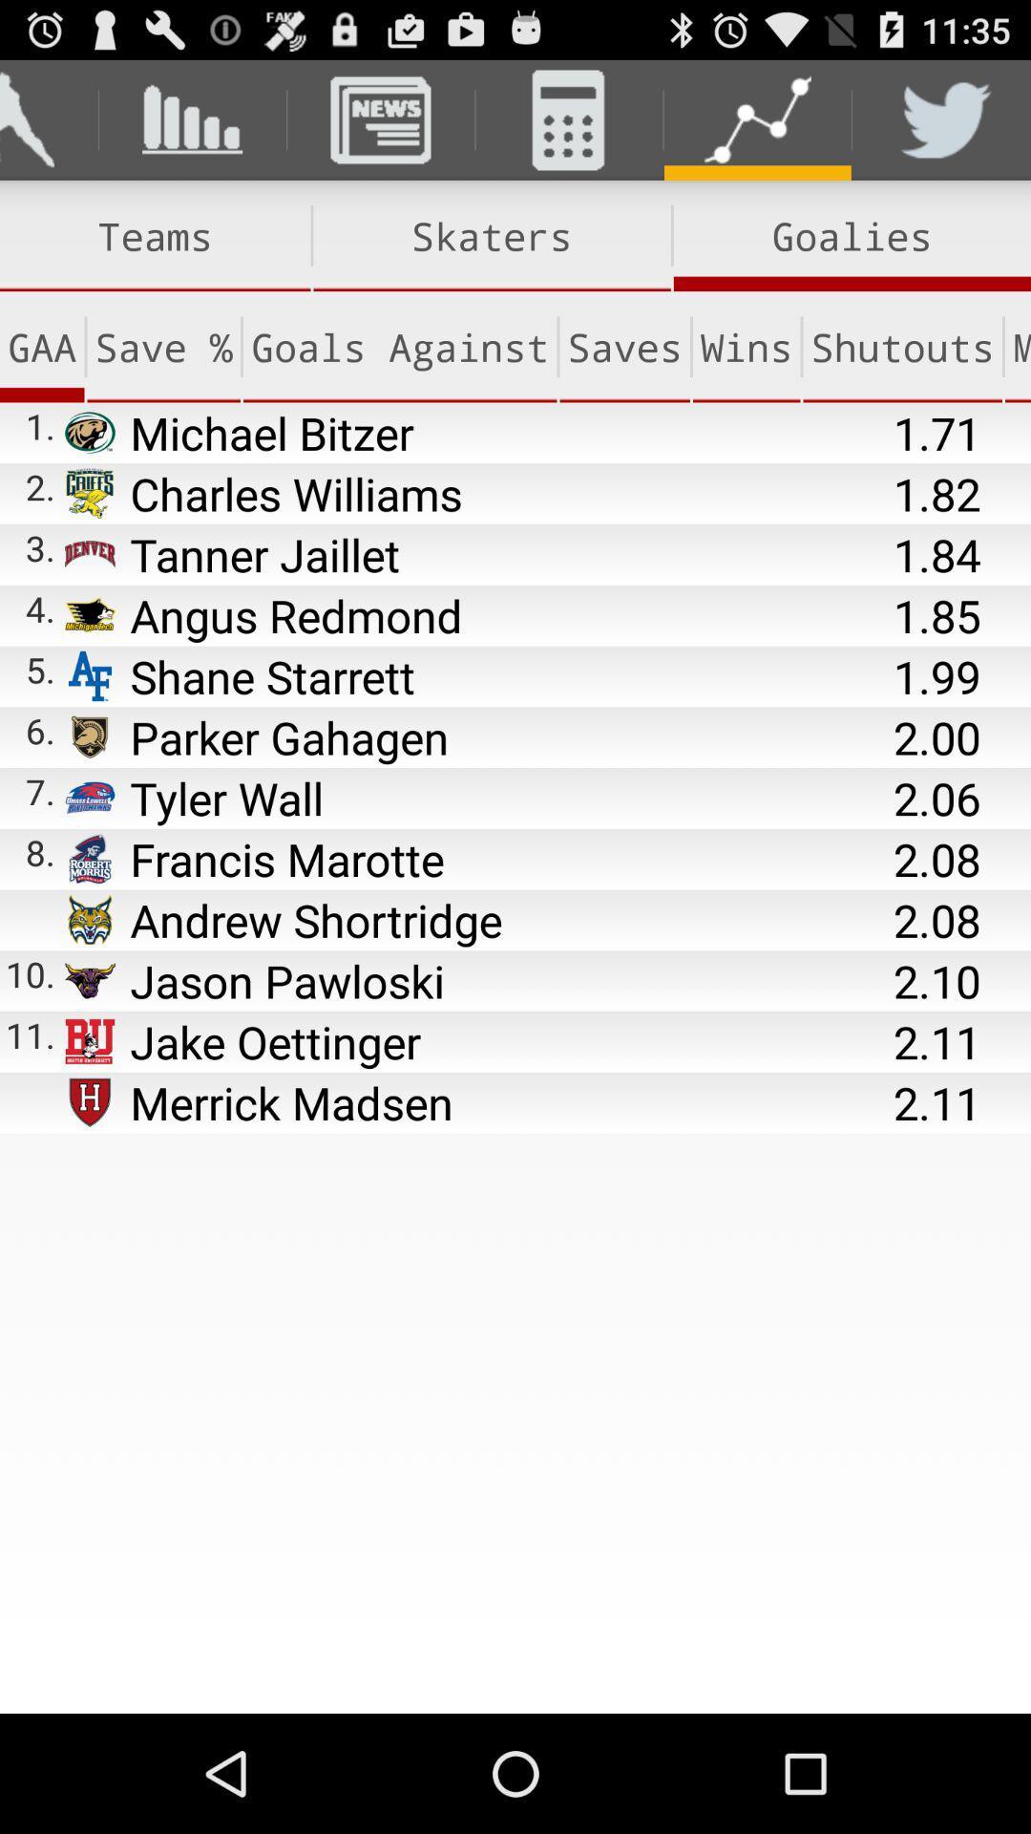 Image resolution: width=1031 pixels, height=1834 pixels. I want to click on the item to the right of the teams icon, so click(491, 235).